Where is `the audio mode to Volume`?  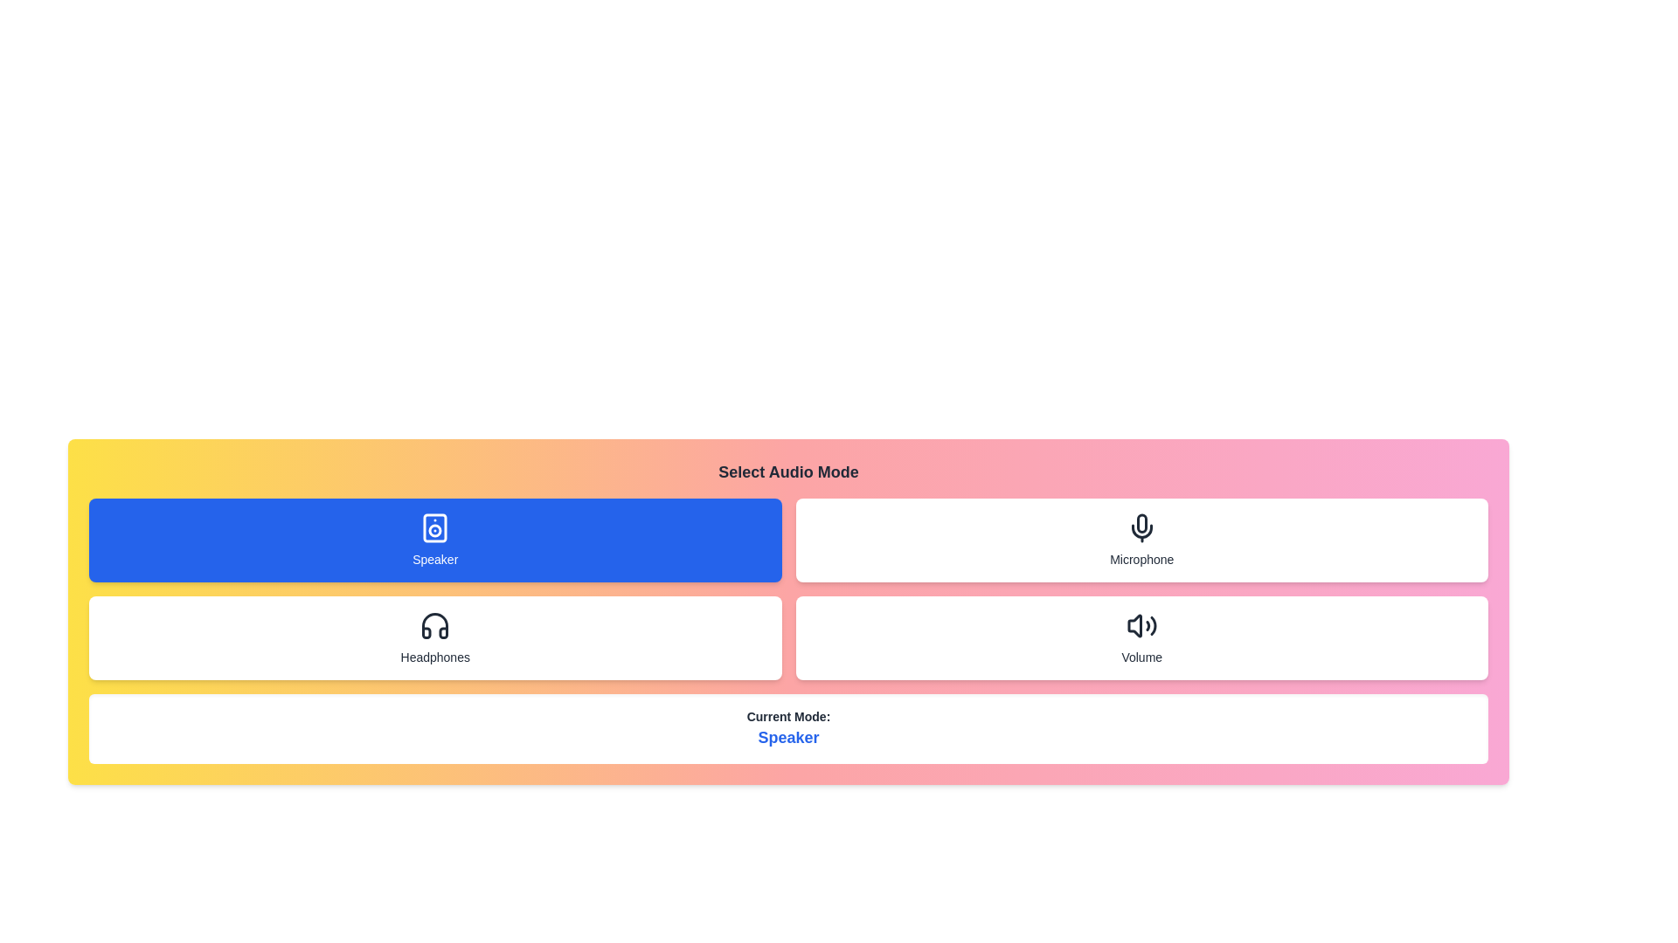
the audio mode to Volume is located at coordinates (1141, 638).